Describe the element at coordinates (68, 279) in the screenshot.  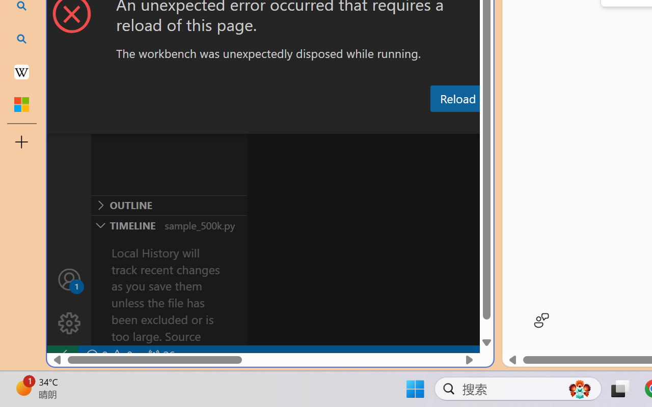
I see `'Accounts - Sign in requested'` at that location.